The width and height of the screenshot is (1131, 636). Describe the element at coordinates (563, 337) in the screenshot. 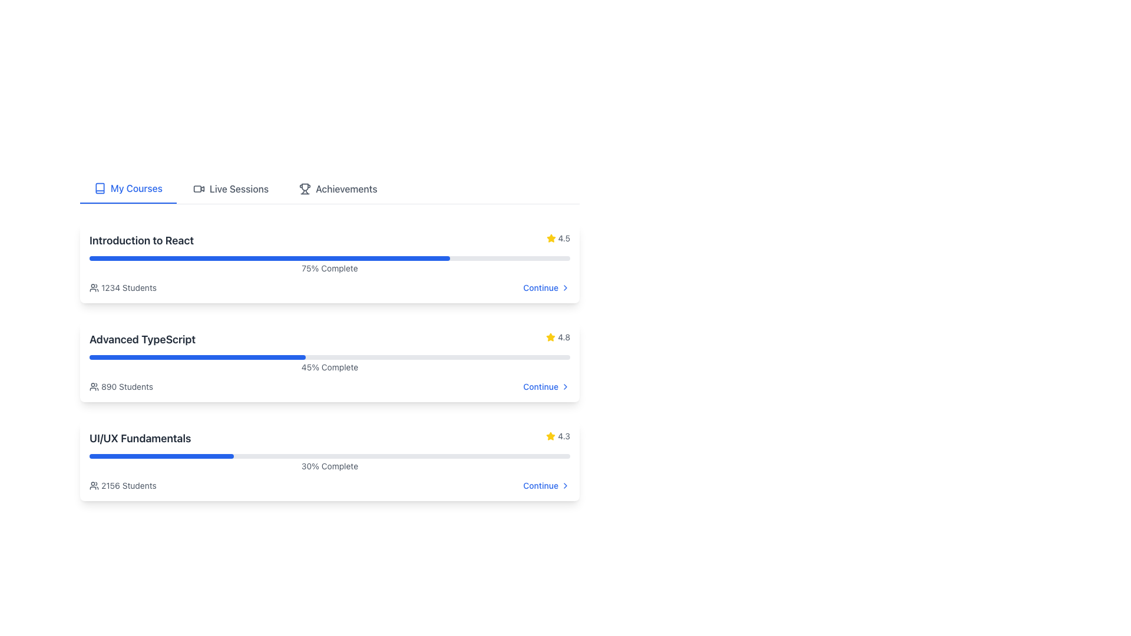

I see `the text label element displaying the numeric value '4.8', which is styled with a small font size and gray color, located to the right of a star icon in the top-right corner of the middle course card for the 'Advanced TypeScript' course` at that location.